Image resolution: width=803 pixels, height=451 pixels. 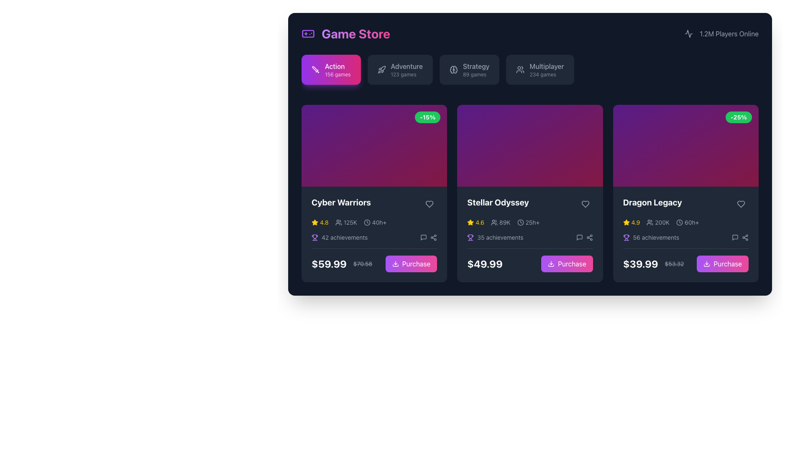 What do you see at coordinates (427, 117) in the screenshot?
I see `the discount percentage label indicating a 15% price reduction, located in the top-right corner of the first card in a three-card layout` at bounding box center [427, 117].